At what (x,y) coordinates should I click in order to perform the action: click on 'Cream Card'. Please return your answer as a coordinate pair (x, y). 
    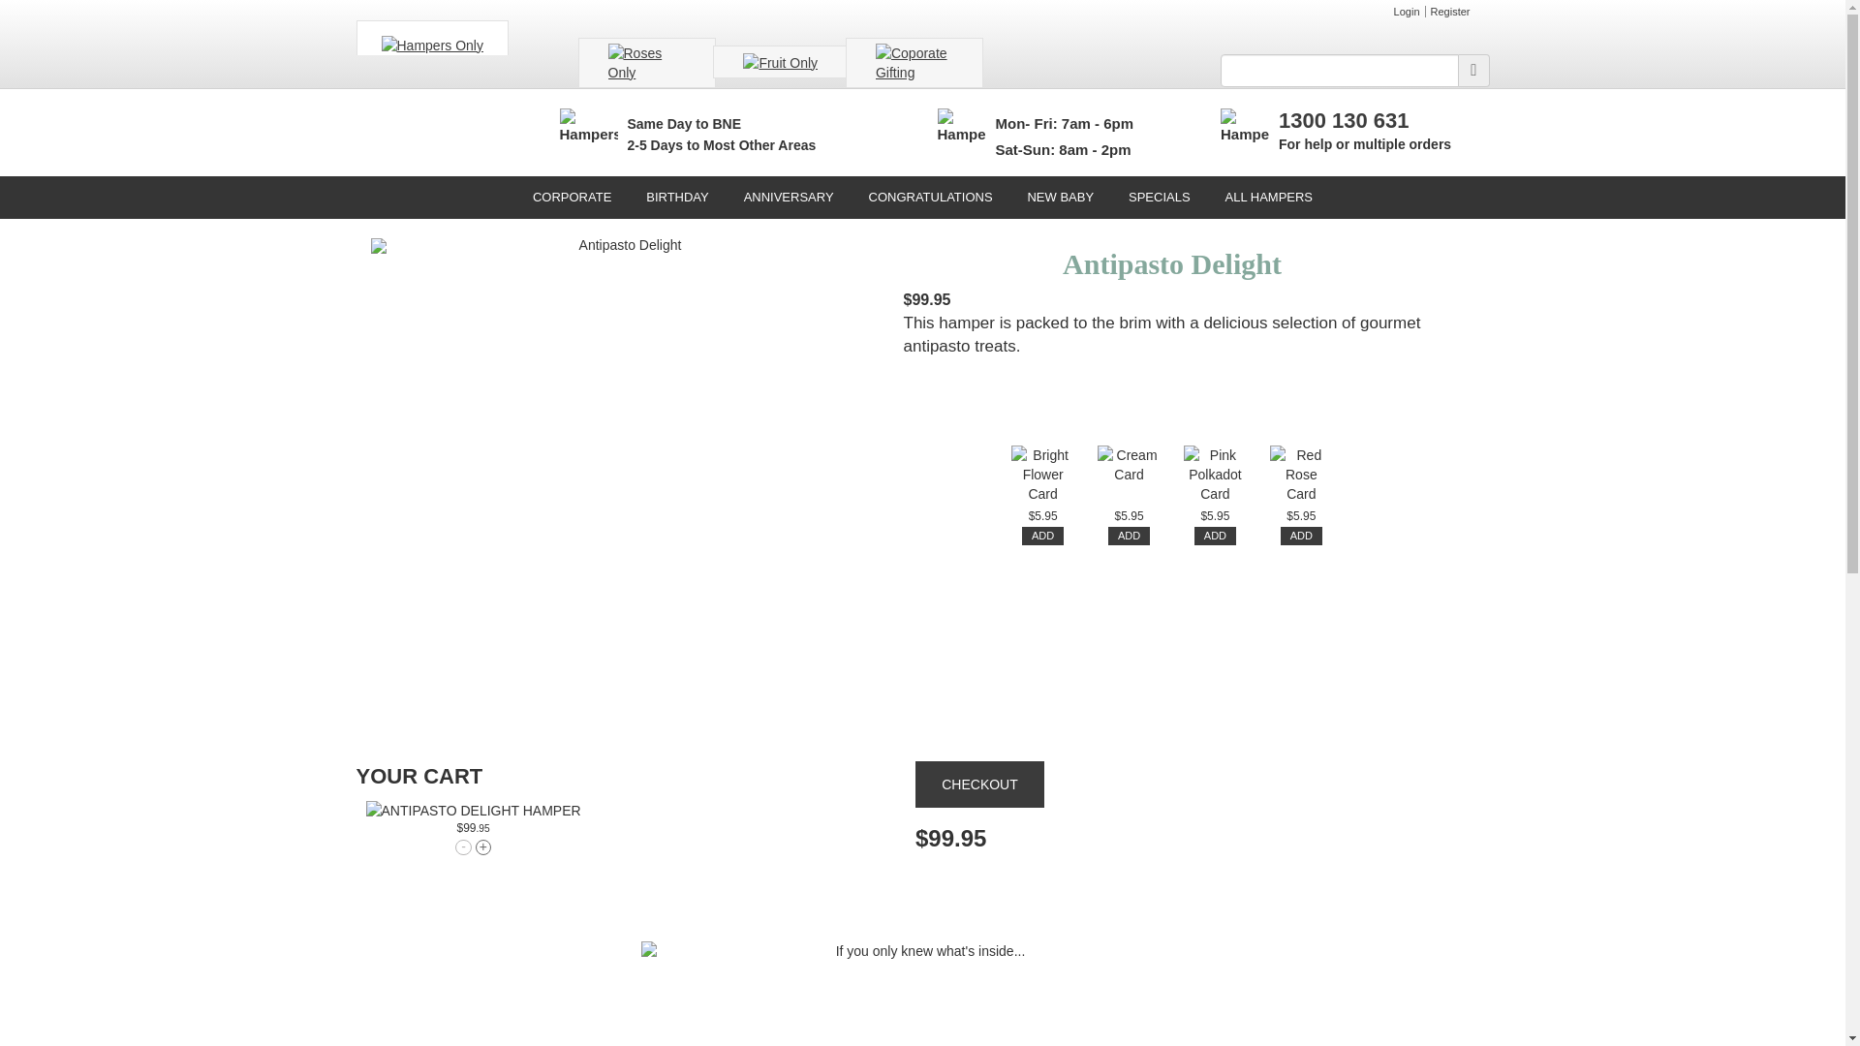
    Looking at the image, I should click on (1129, 477).